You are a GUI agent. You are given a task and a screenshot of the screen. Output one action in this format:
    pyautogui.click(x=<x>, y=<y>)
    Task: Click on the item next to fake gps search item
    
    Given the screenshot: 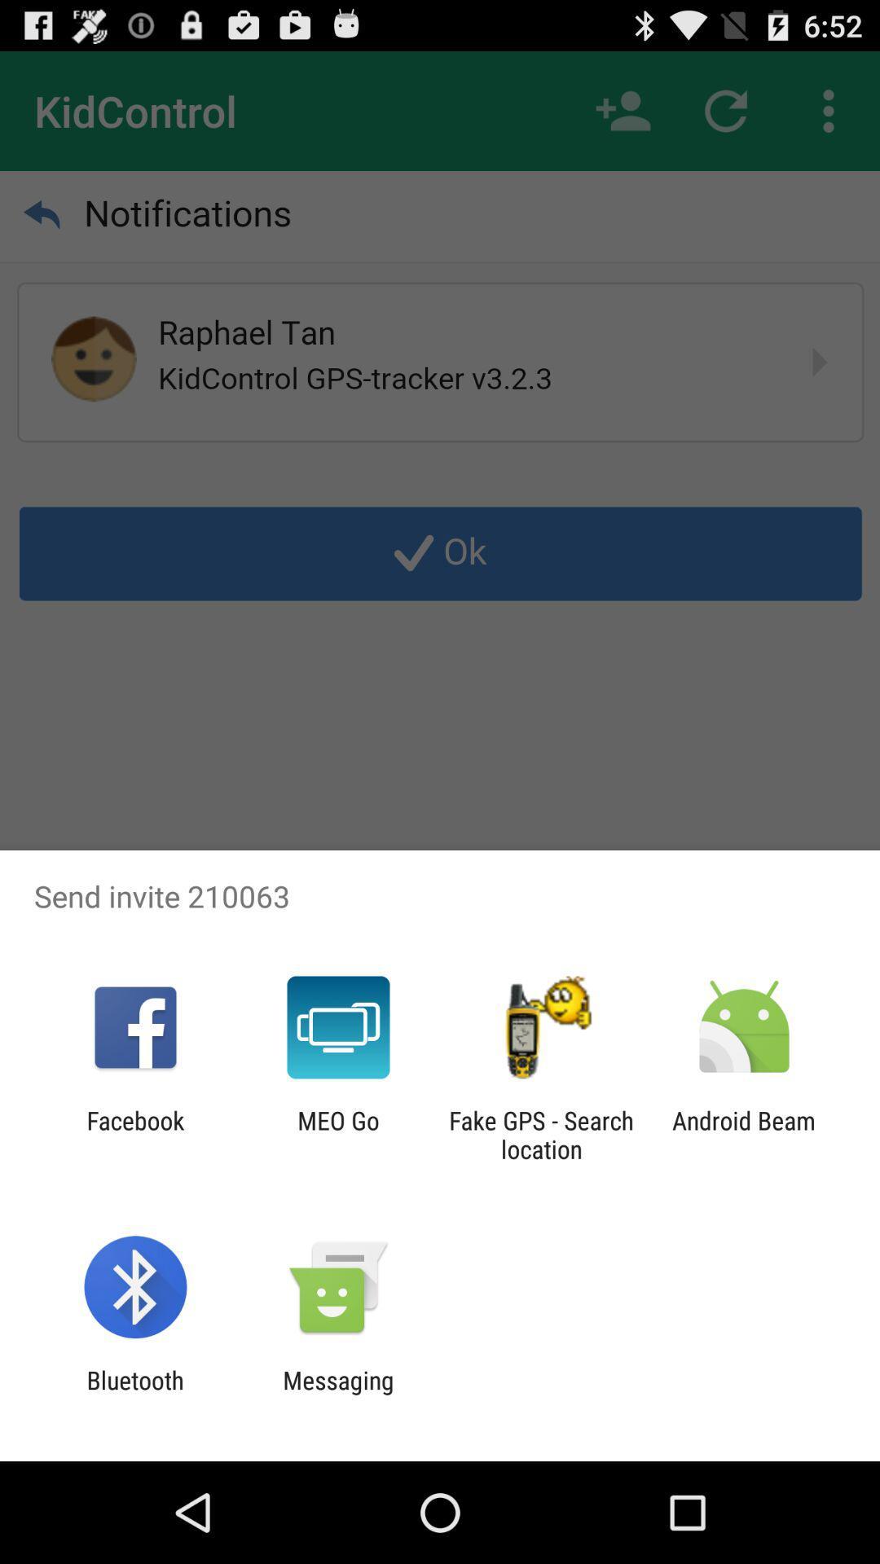 What is the action you would take?
    pyautogui.click(x=337, y=1134)
    